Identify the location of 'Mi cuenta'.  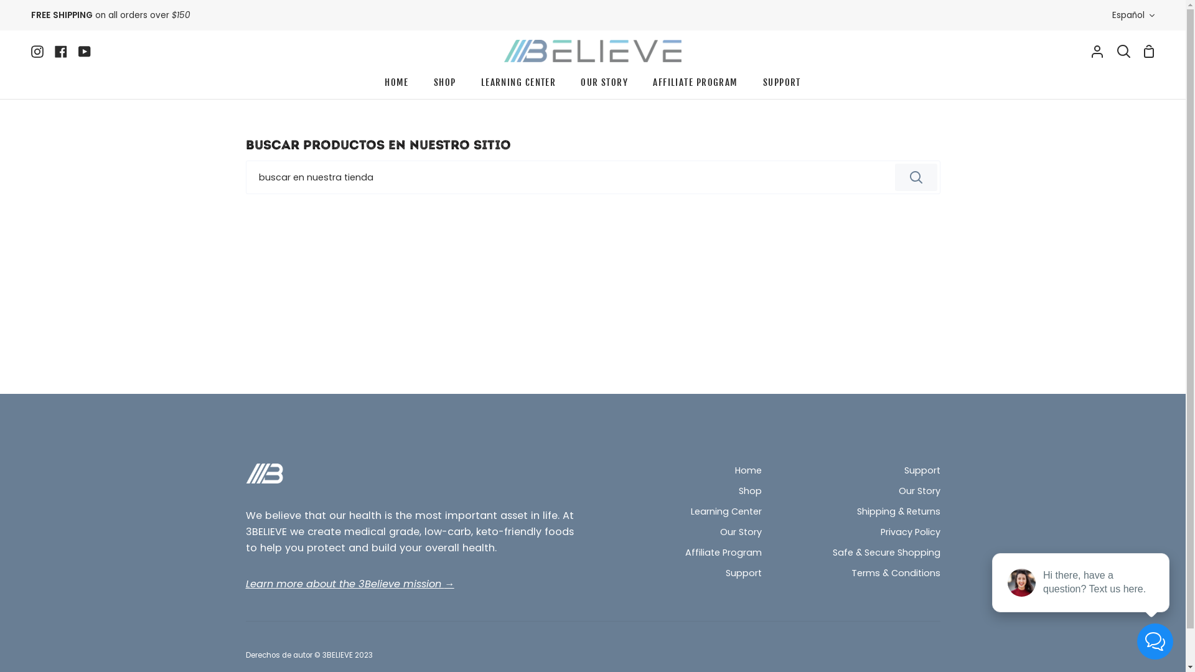
(1097, 50).